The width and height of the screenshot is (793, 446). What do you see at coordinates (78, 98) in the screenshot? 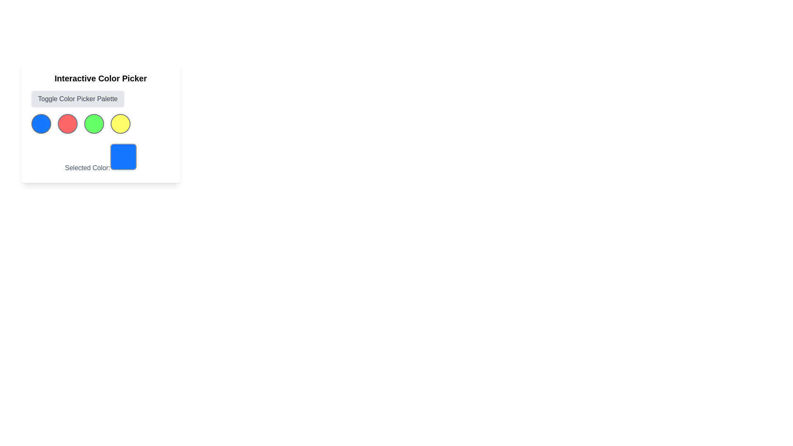
I see `the button with gray background and text 'Toggle Color Picker Palette'` at bounding box center [78, 98].